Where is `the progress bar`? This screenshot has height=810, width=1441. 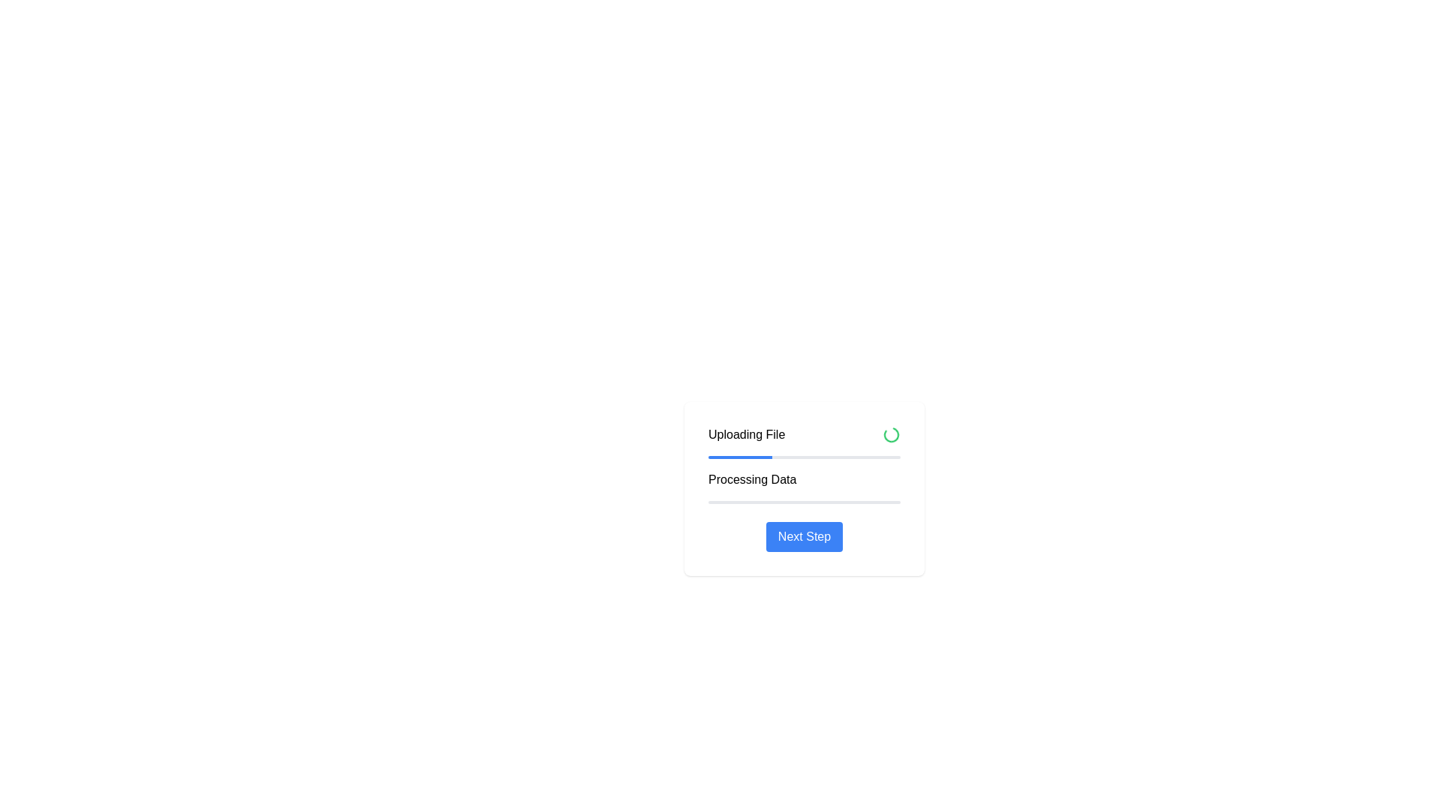 the progress bar is located at coordinates (728, 456).